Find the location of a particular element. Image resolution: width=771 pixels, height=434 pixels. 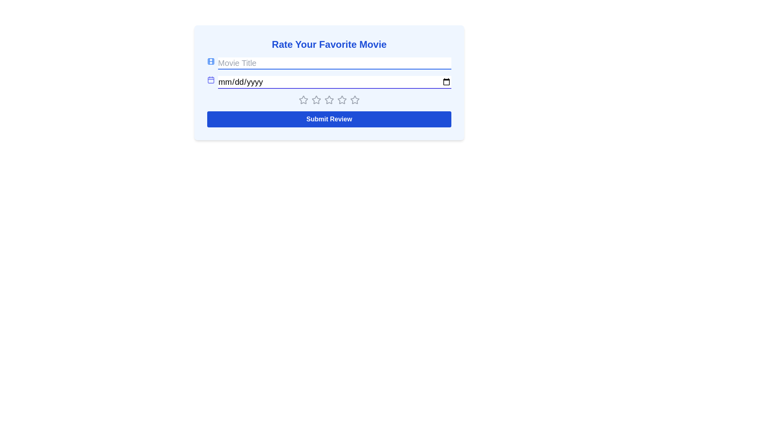

the release date input field to activate the date picker is located at coordinates (335, 82).